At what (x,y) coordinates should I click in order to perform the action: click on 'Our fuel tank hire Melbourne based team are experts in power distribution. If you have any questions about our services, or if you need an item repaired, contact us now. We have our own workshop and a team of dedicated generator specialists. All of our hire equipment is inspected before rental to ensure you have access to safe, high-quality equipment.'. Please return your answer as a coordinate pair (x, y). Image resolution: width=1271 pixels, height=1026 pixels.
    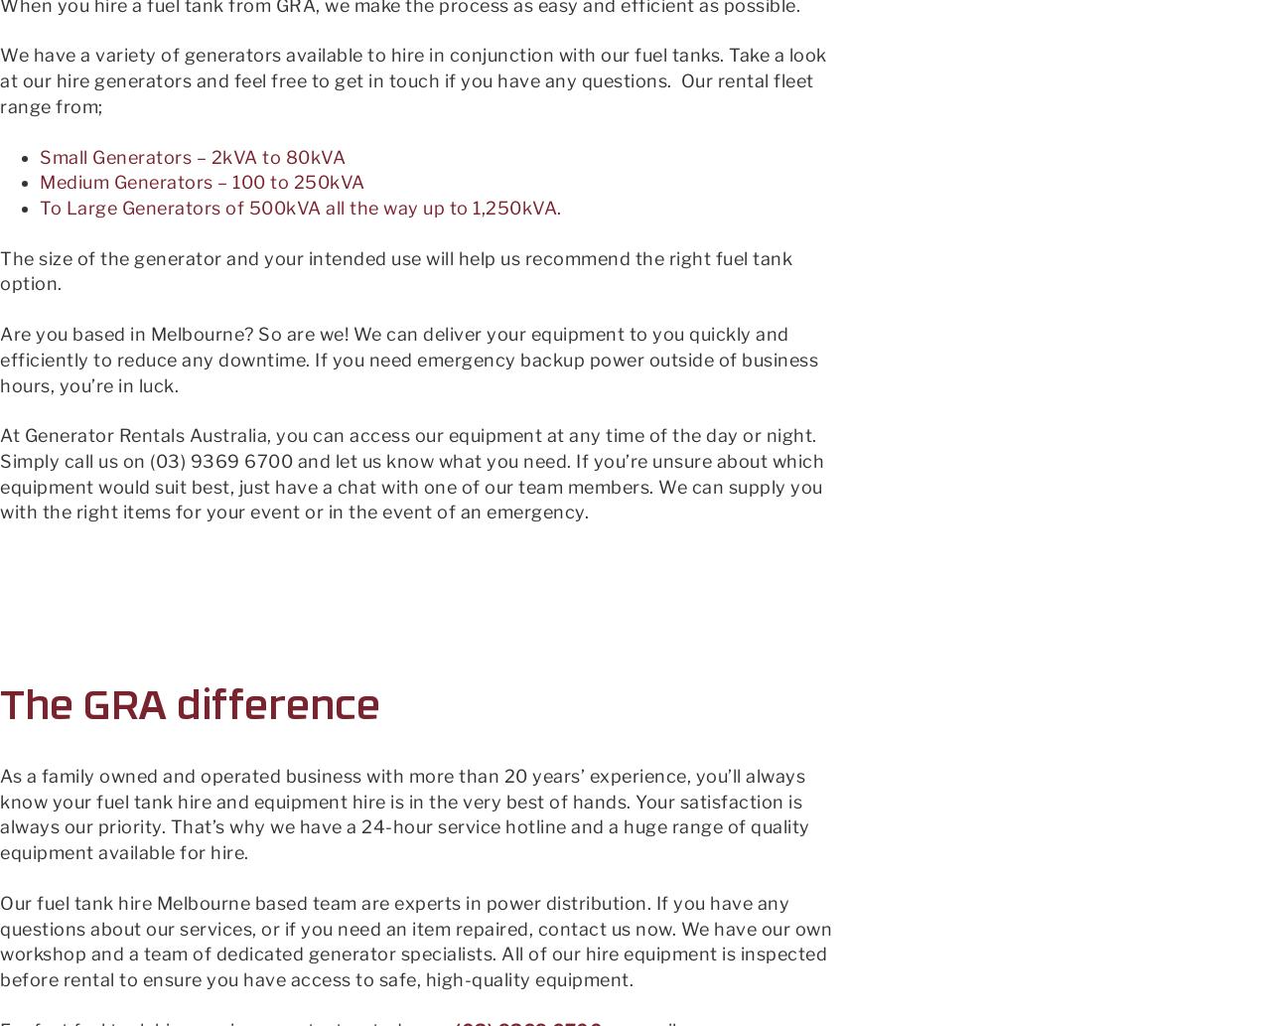
    Looking at the image, I should click on (414, 939).